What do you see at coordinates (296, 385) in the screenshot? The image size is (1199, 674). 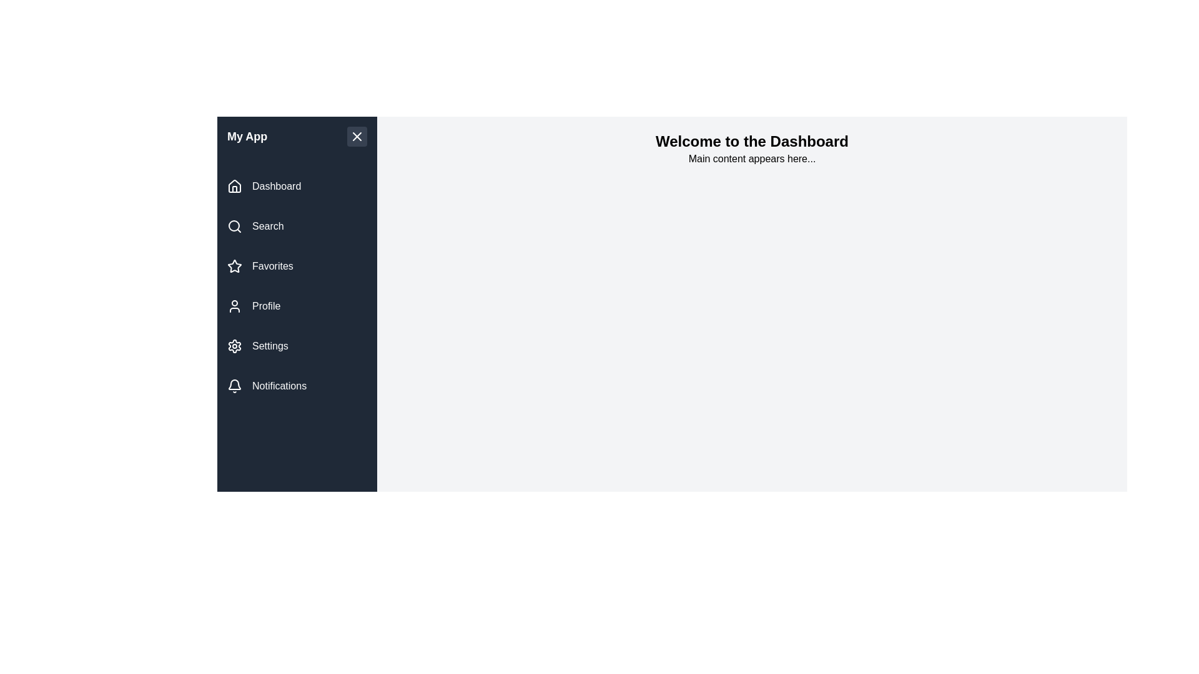 I see `the navigation link labeled Notifications` at bounding box center [296, 385].